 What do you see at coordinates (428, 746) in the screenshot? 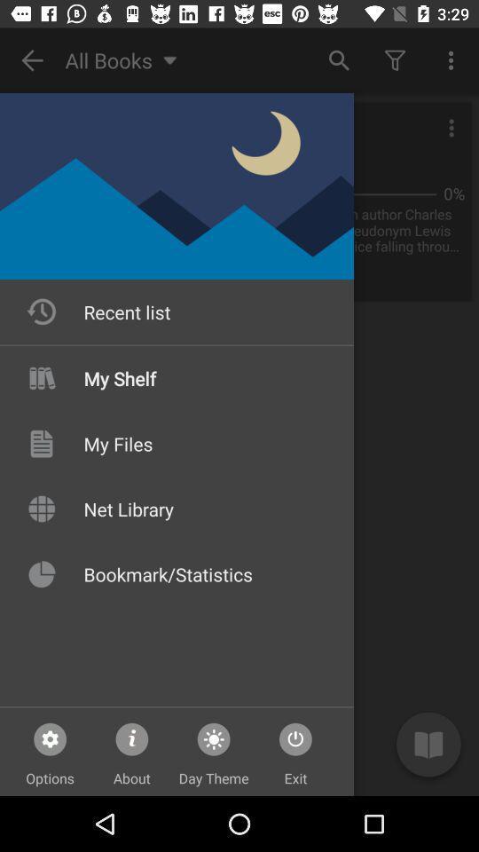
I see `the book icon` at bounding box center [428, 746].